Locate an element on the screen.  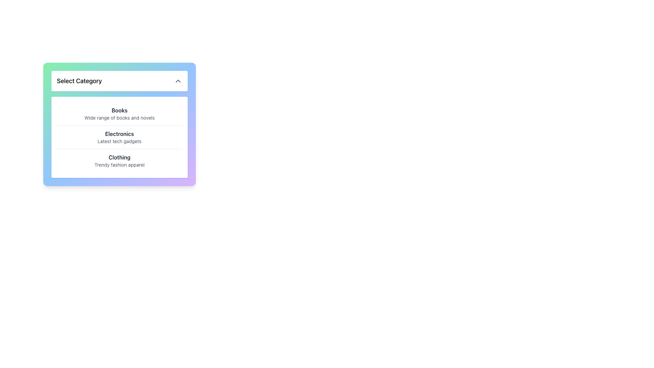
the 'Clothing' category item in the category selection menu is located at coordinates (119, 160).